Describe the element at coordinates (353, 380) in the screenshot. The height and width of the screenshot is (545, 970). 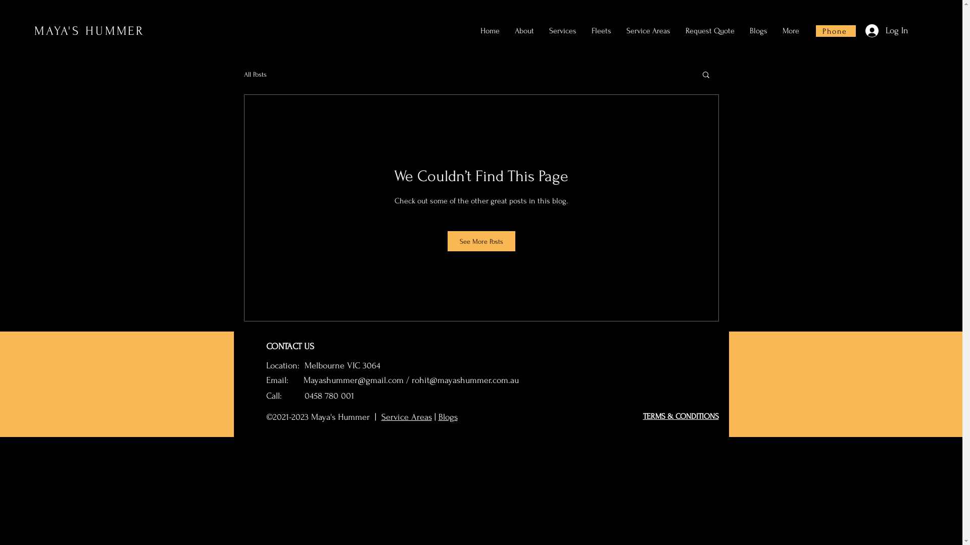
I see `'Mayashummer@gmail.com'` at that location.